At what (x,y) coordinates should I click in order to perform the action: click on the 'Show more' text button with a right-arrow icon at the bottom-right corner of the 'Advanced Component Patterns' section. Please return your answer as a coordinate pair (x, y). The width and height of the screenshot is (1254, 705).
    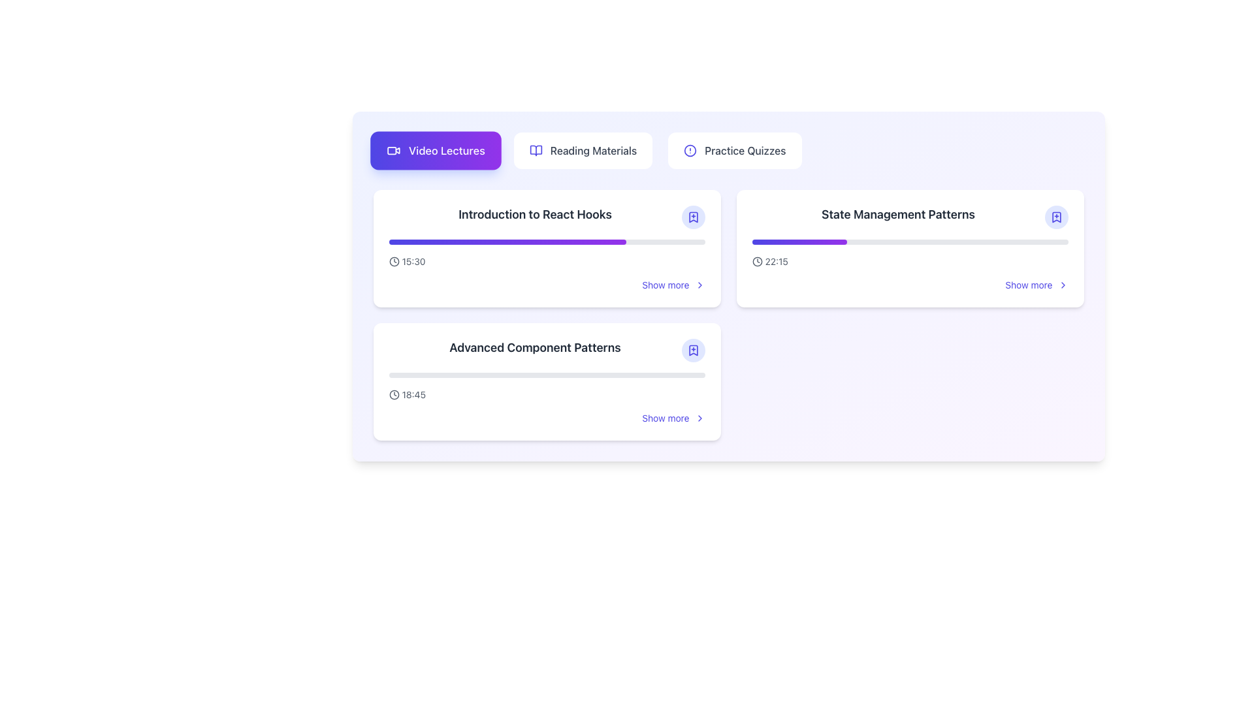
    Looking at the image, I should click on (673, 418).